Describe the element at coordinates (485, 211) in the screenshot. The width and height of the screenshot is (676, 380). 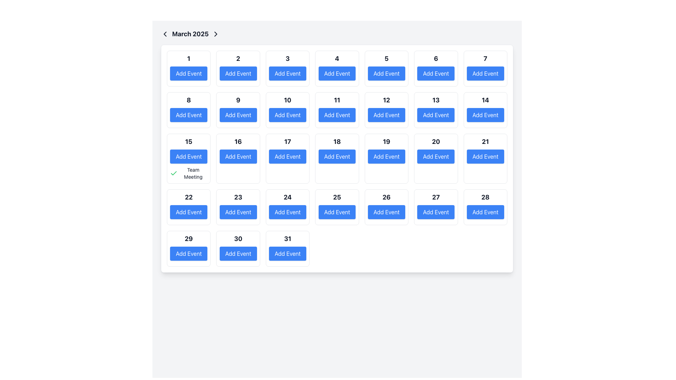
I see `the blue 'Add Event' button located in the bottom-right corner of the calendar grid for March 2025, under the date '28', to initiate adding an event` at that location.